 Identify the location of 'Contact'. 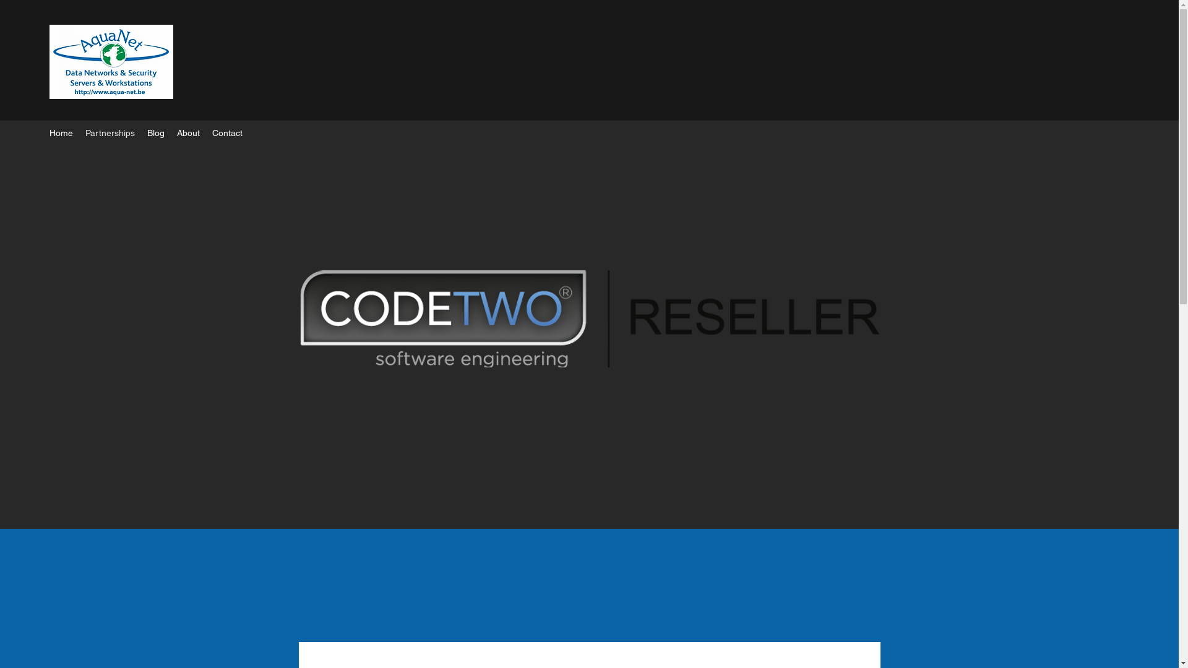
(227, 133).